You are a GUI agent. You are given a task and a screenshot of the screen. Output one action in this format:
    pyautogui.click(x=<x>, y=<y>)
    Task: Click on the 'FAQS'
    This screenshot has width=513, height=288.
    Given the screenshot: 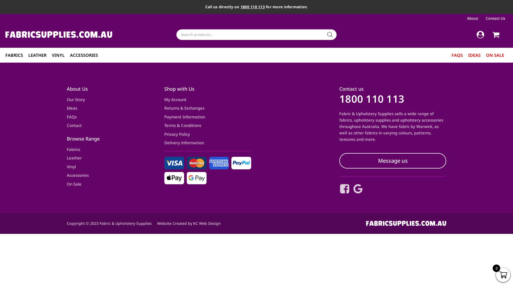 What is the action you would take?
    pyautogui.click(x=457, y=55)
    